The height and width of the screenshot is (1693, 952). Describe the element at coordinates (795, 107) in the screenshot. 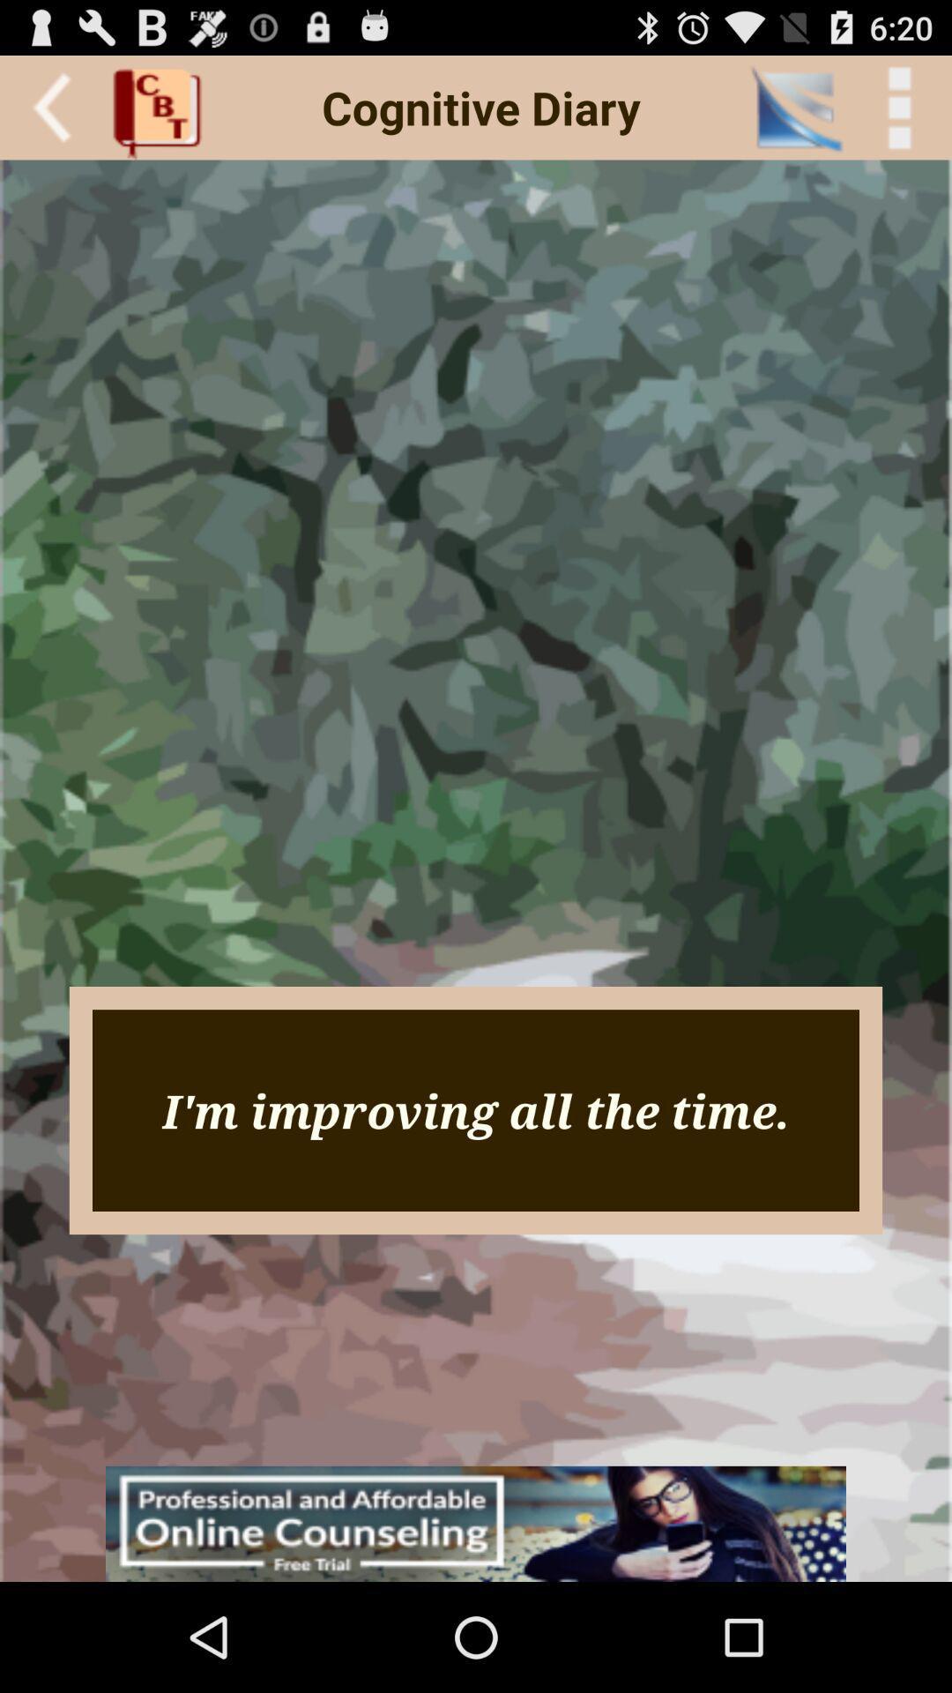

I see `app next to the < back item` at that location.